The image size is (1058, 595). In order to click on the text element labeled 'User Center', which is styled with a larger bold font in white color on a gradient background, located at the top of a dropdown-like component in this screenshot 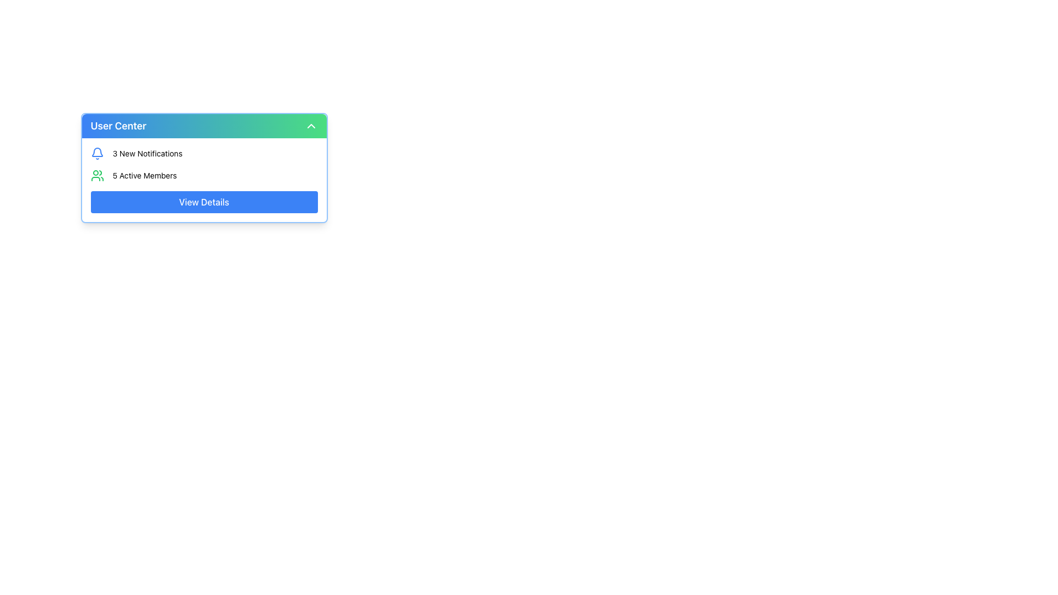, I will do `click(118, 125)`.